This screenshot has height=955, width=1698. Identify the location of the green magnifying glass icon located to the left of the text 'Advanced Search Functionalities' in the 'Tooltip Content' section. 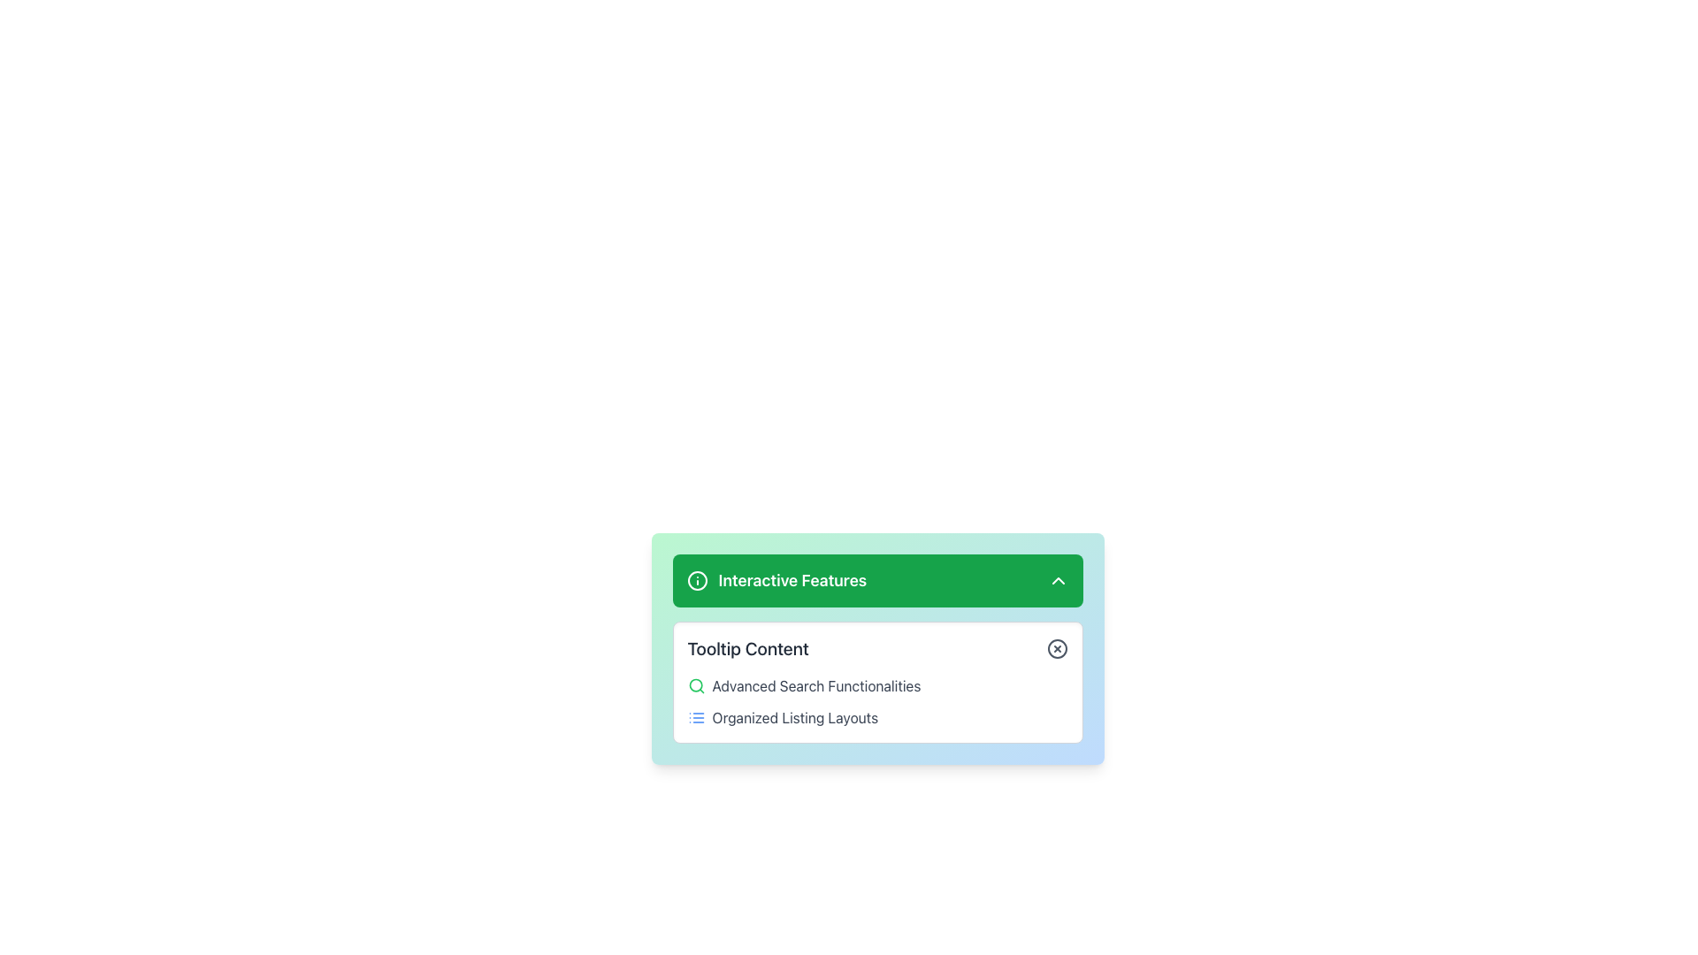
(695, 684).